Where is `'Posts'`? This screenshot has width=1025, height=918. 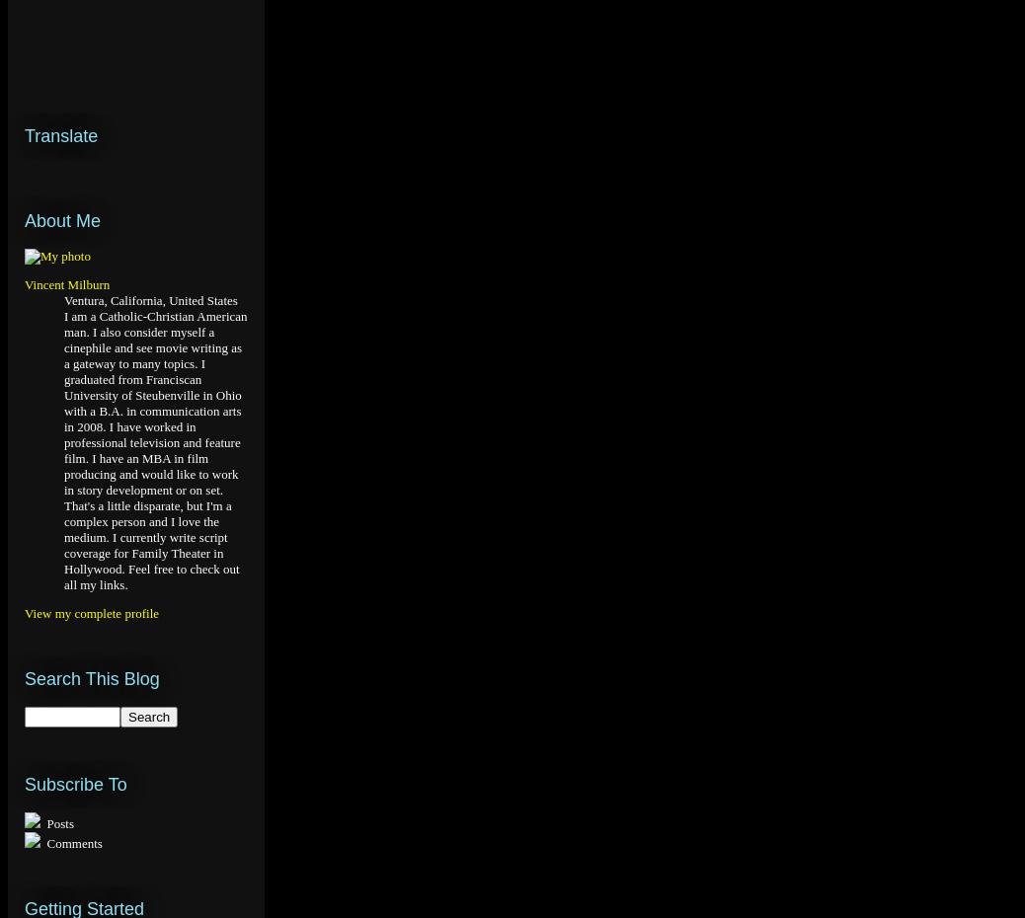 'Posts' is located at coordinates (56, 821).